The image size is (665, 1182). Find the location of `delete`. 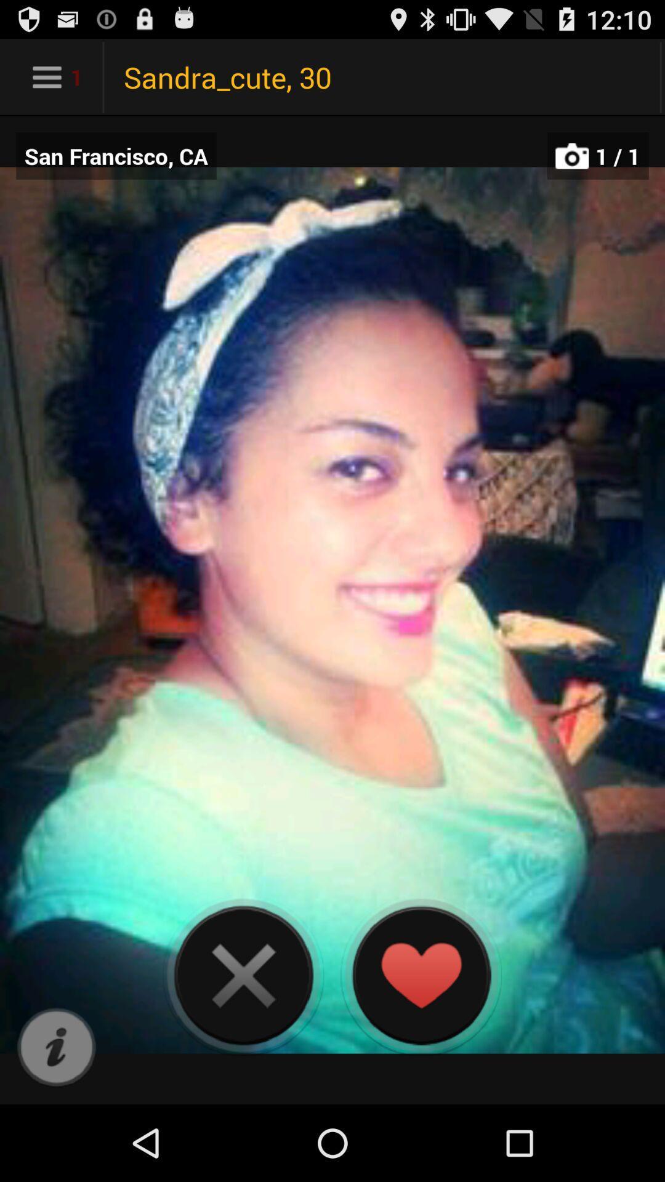

delete is located at coordinates (243, 975).